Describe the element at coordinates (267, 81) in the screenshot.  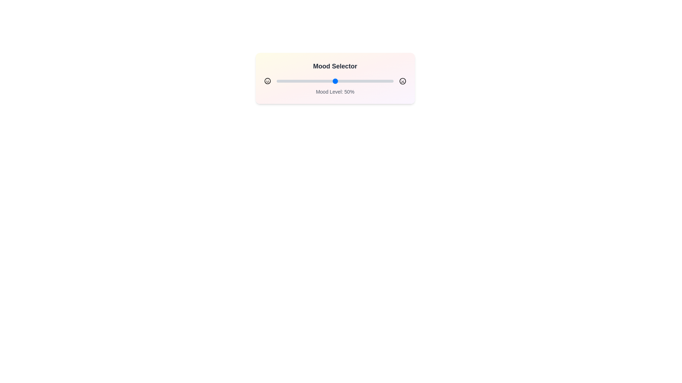
I see `the smiley face icon to interact with the Mood Selector component` at that location.